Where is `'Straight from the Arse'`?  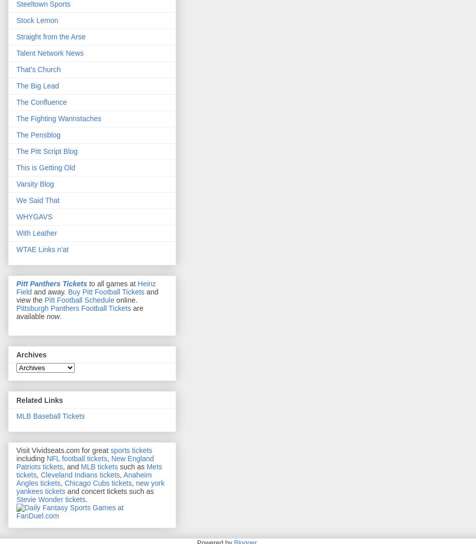 'Straight from the Arse' is located at coordinates (51, 37).